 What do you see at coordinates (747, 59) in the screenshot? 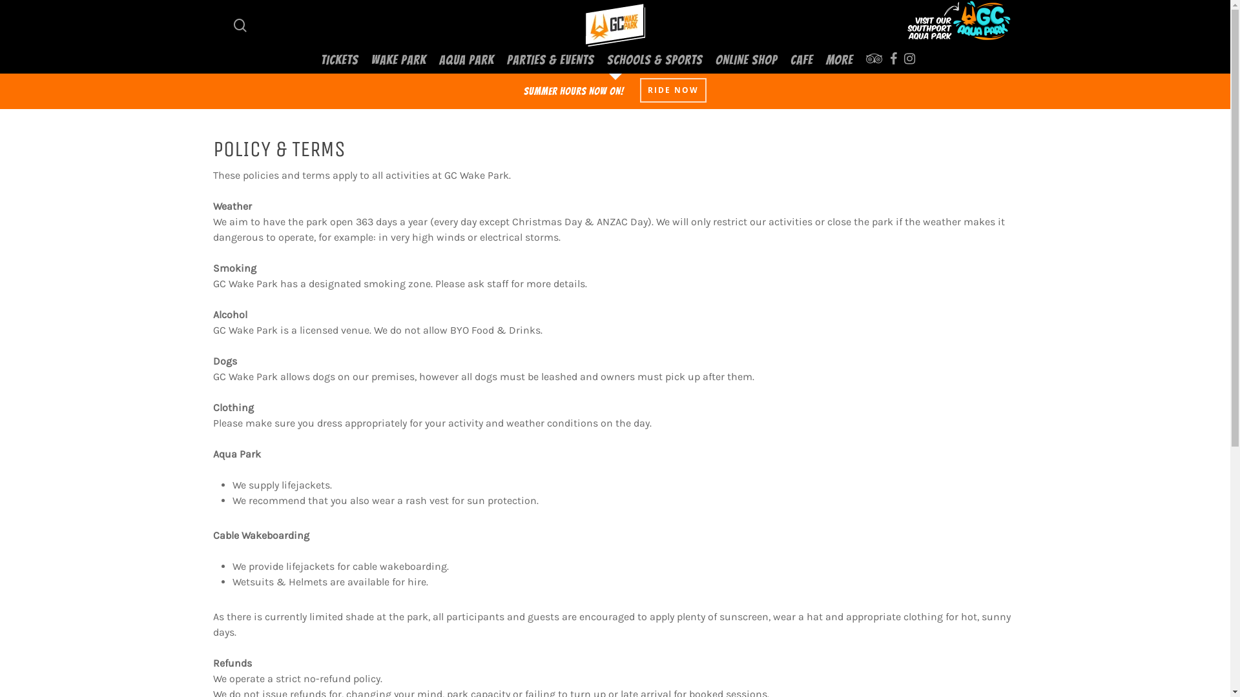
I see `'ONLINE SHOP'` at bounding box center [747, 59].